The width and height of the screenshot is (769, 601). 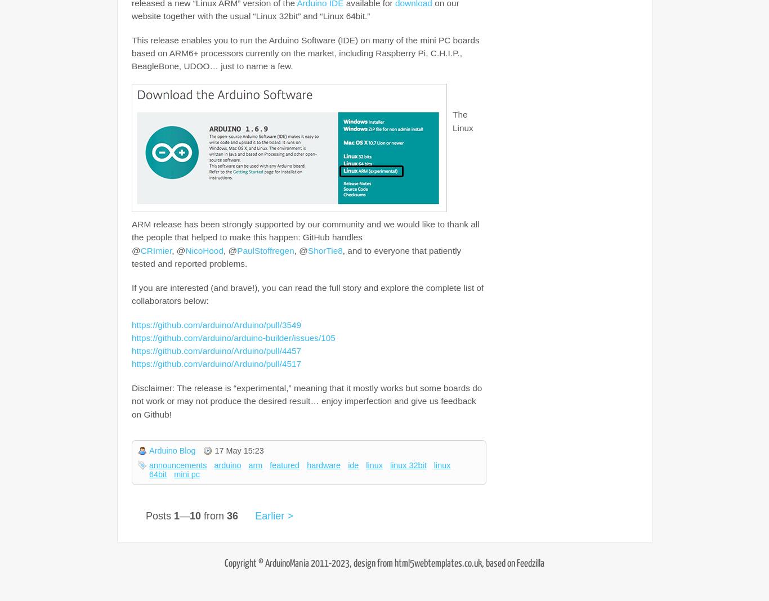 I want to click on 'from', so click(x=213, y=515).